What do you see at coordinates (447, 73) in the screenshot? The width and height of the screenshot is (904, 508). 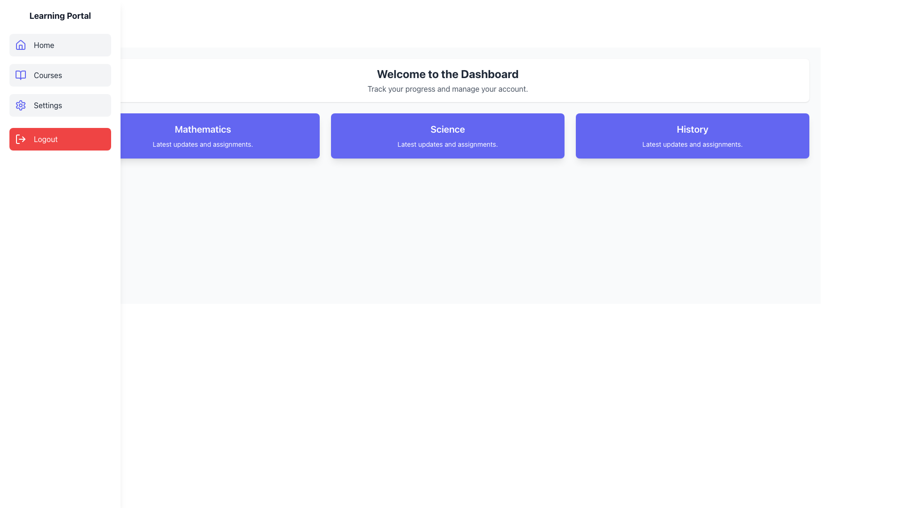 I see `the central Heading (H1) element that serves as a welcome message for the dashboard interface, which is positioned above smaller descriptive text and centered within a white rounded rectangle` at bounding box center [447, 73].